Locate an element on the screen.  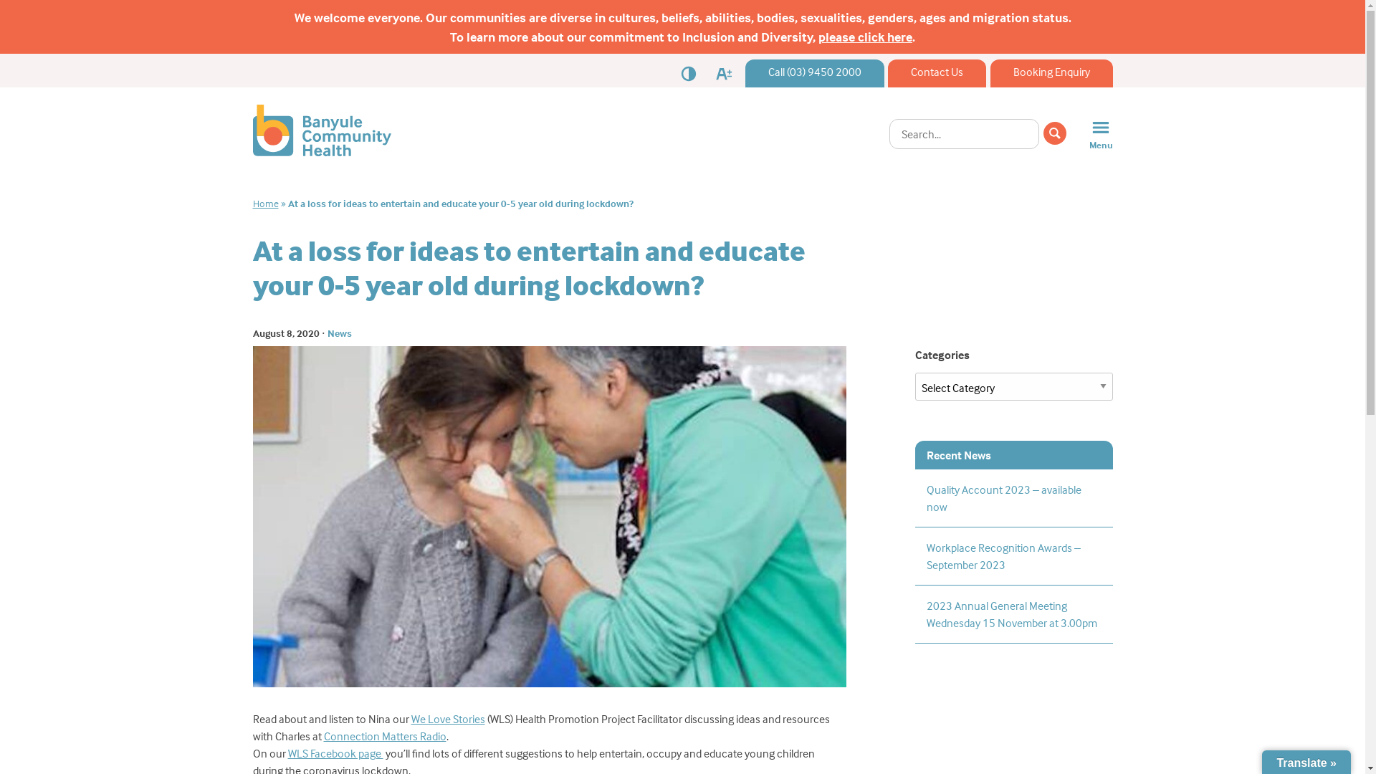
'Banyule Community Health' is located at coordinates (320, 152).